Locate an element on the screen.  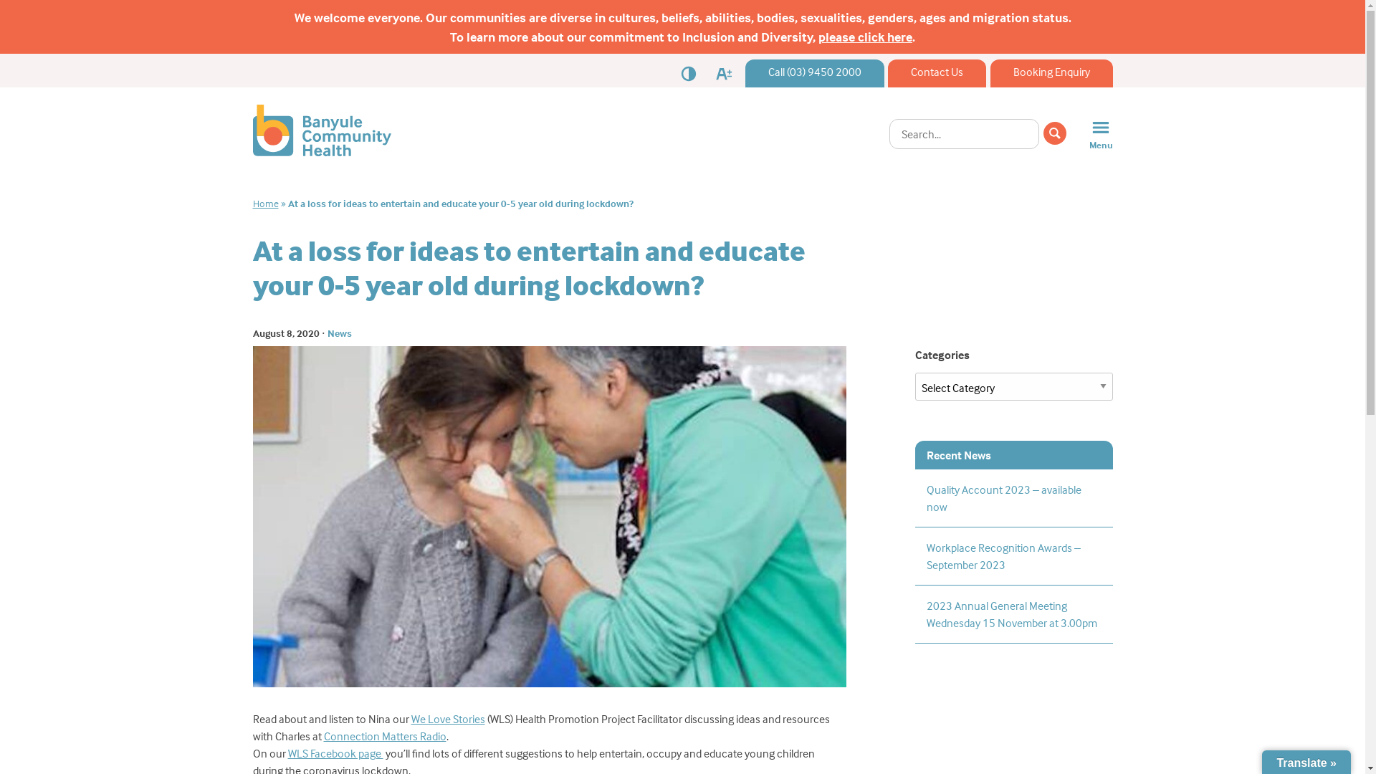
'Banyule Community Health' is located at coordinates (320, 152).